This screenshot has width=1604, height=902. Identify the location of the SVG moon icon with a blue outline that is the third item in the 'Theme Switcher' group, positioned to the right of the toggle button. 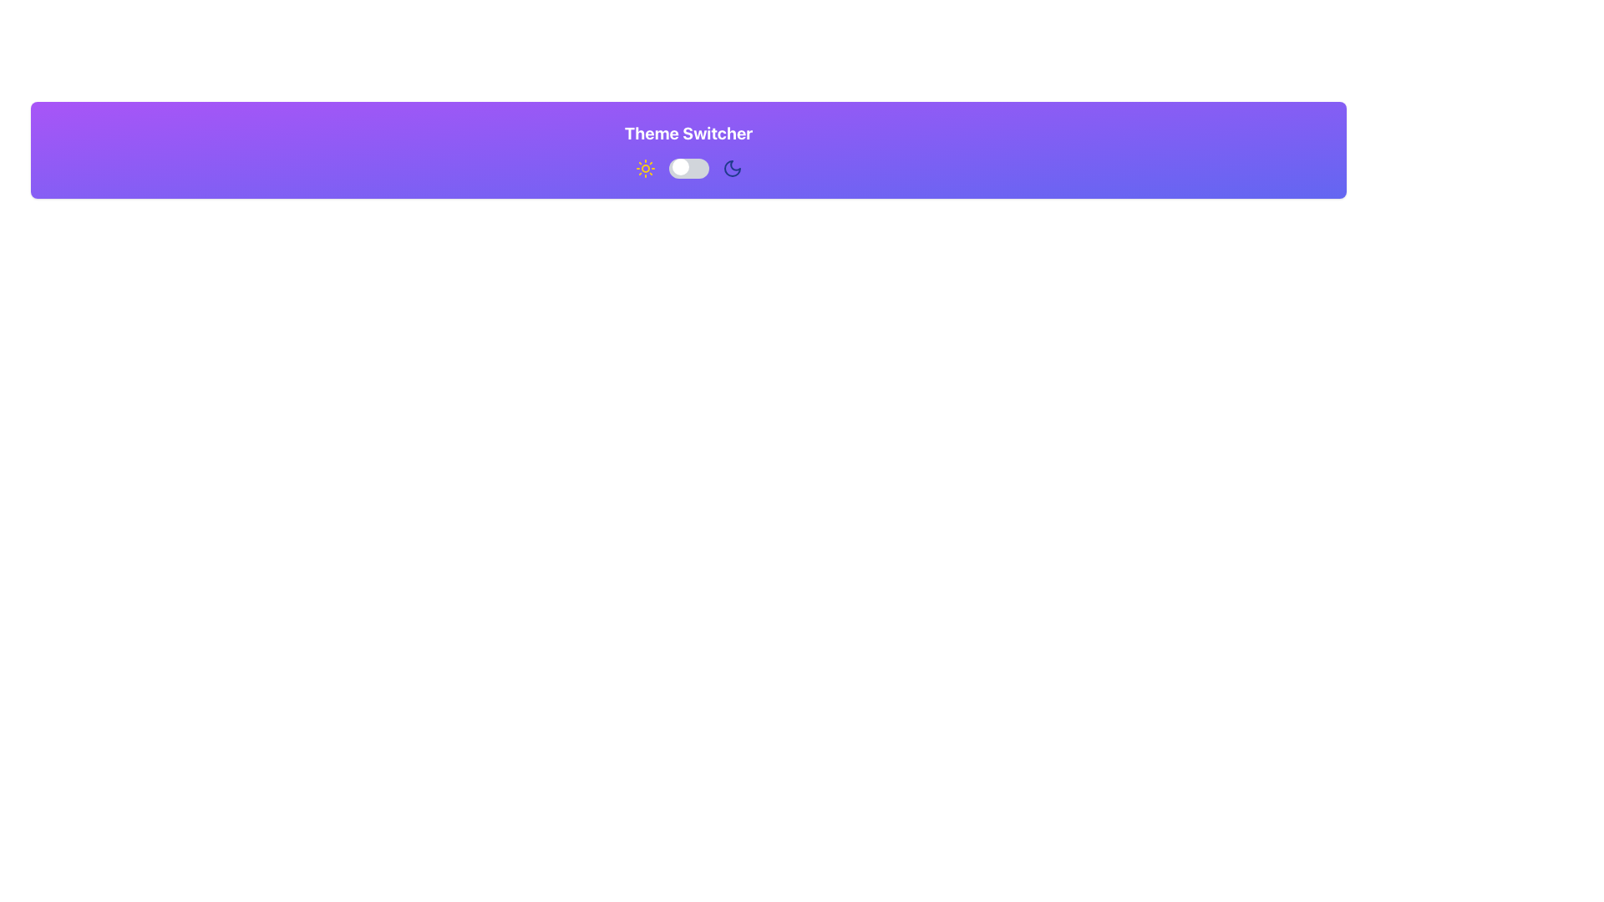
(732, 168).